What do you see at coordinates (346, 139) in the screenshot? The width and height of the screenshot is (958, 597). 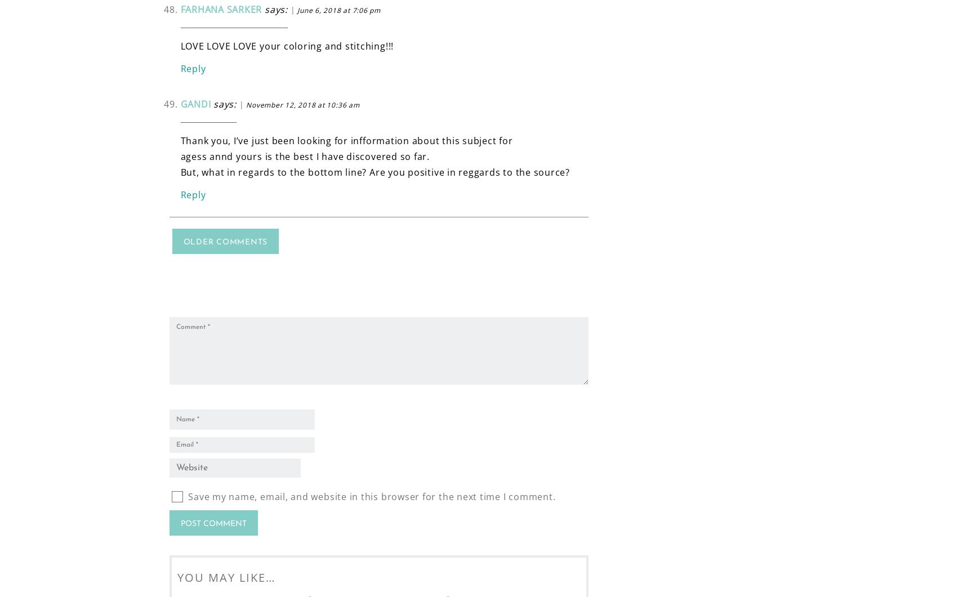 I see `'Thank you, I’ve just been looking for infformation about this subject for'` at bounding box center [346, 139].